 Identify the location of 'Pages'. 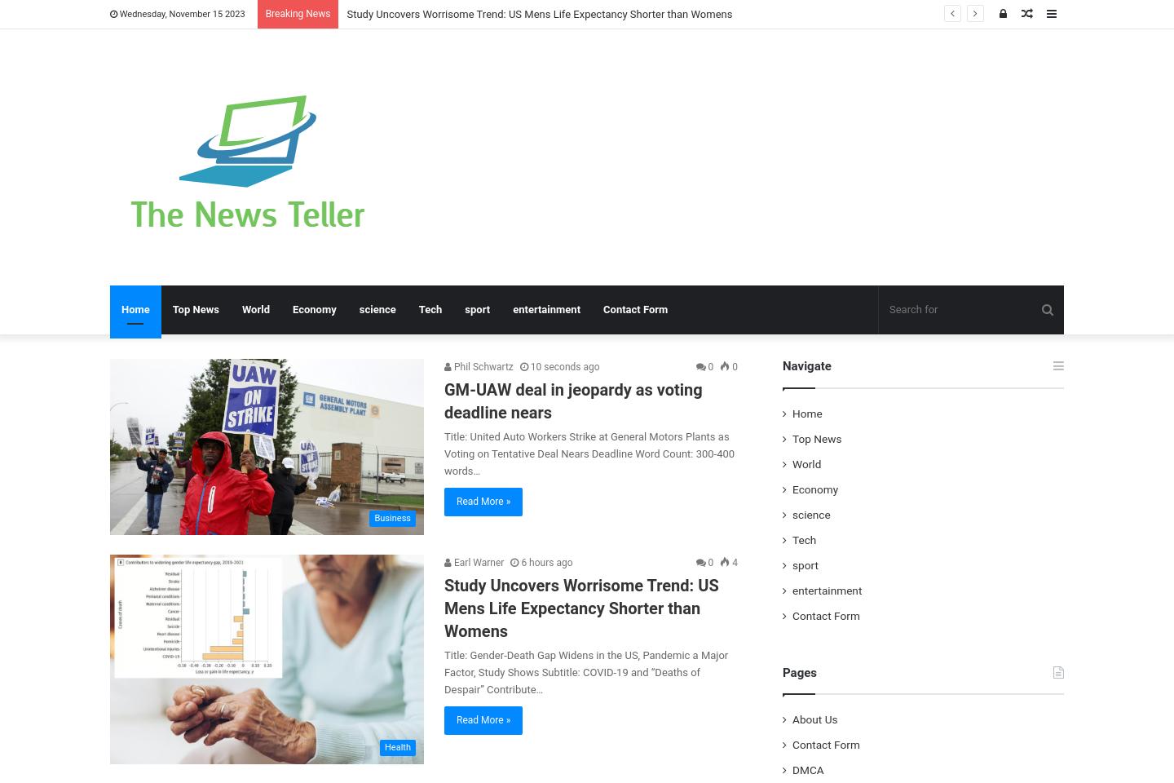
(798, 671).